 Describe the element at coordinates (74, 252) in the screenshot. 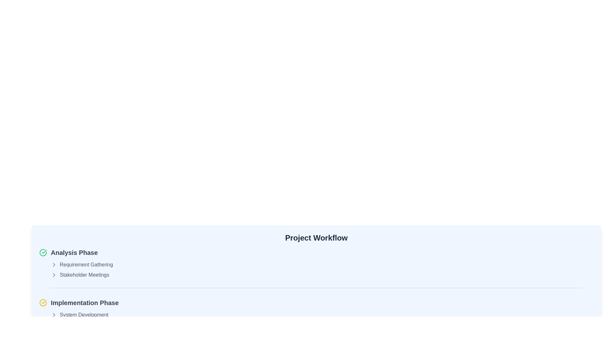

I see `text label 'Analysis Phase' that is styled in a large, bold font and located above other list items in the workflow diagram` at that location.